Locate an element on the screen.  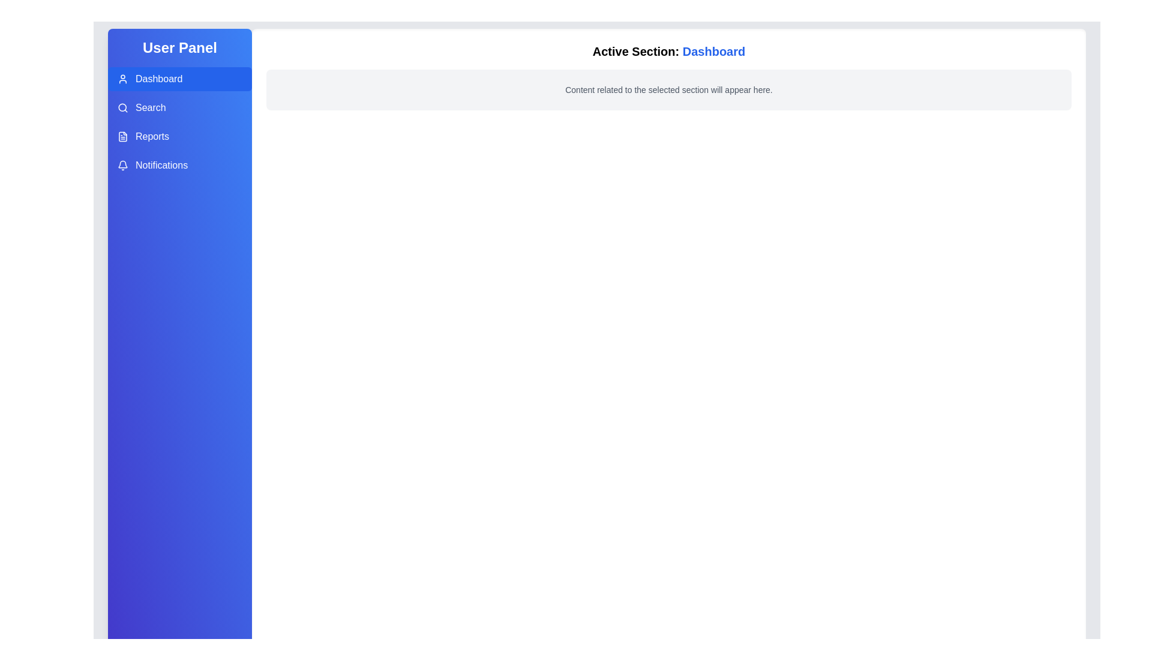
the menu option Dashboard in the UserPanel is located at coordinates (179, 79).